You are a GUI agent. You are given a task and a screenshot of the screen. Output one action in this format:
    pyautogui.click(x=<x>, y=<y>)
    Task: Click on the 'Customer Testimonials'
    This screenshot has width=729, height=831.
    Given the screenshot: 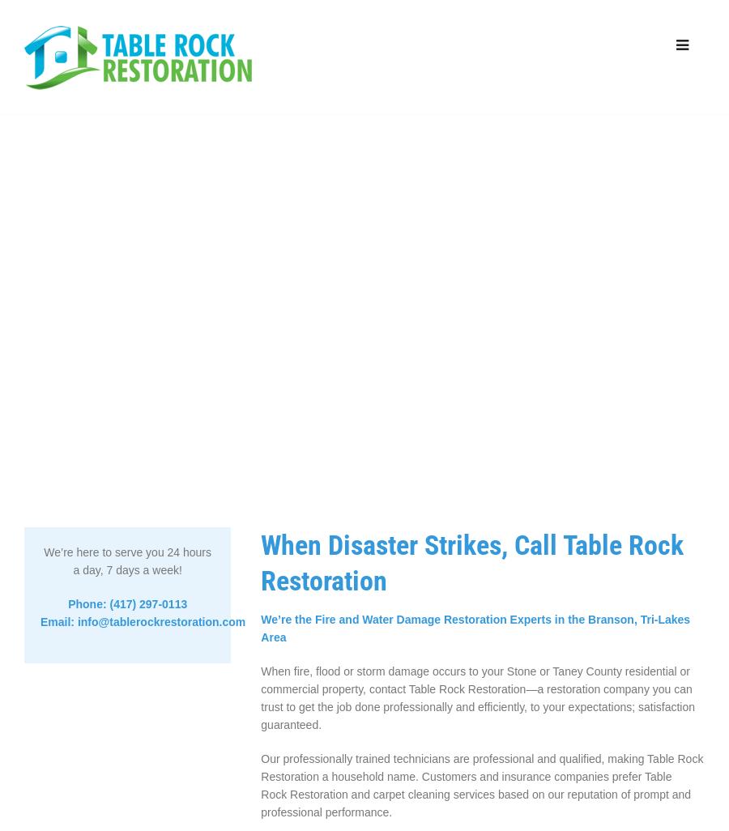 What is the action you would take?
    pyautogui.click(x=554, y=200)
    